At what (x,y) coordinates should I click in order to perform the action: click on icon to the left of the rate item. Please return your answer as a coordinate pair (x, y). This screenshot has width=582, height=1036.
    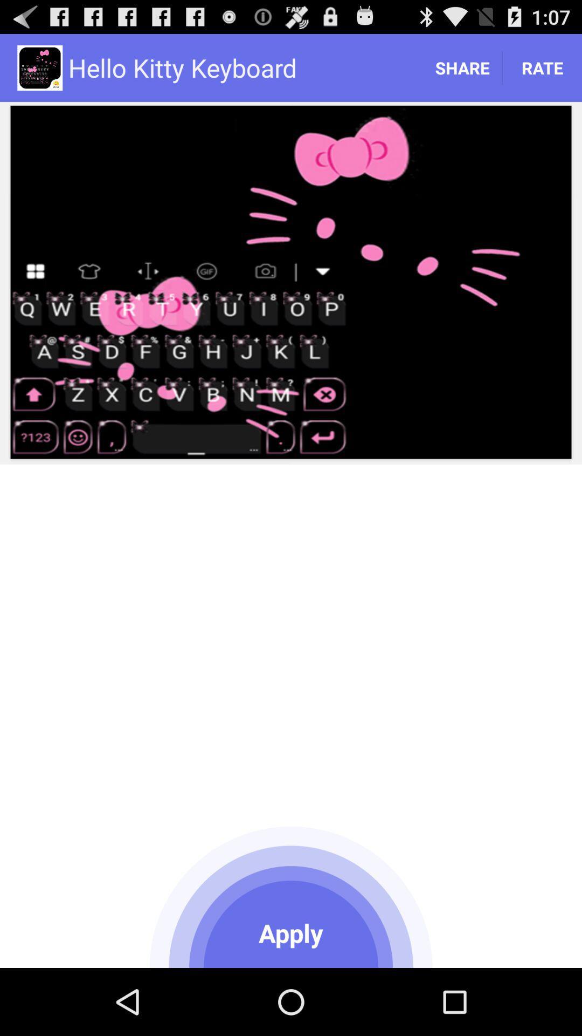
    Looking at the image, I should click on (461, 67).